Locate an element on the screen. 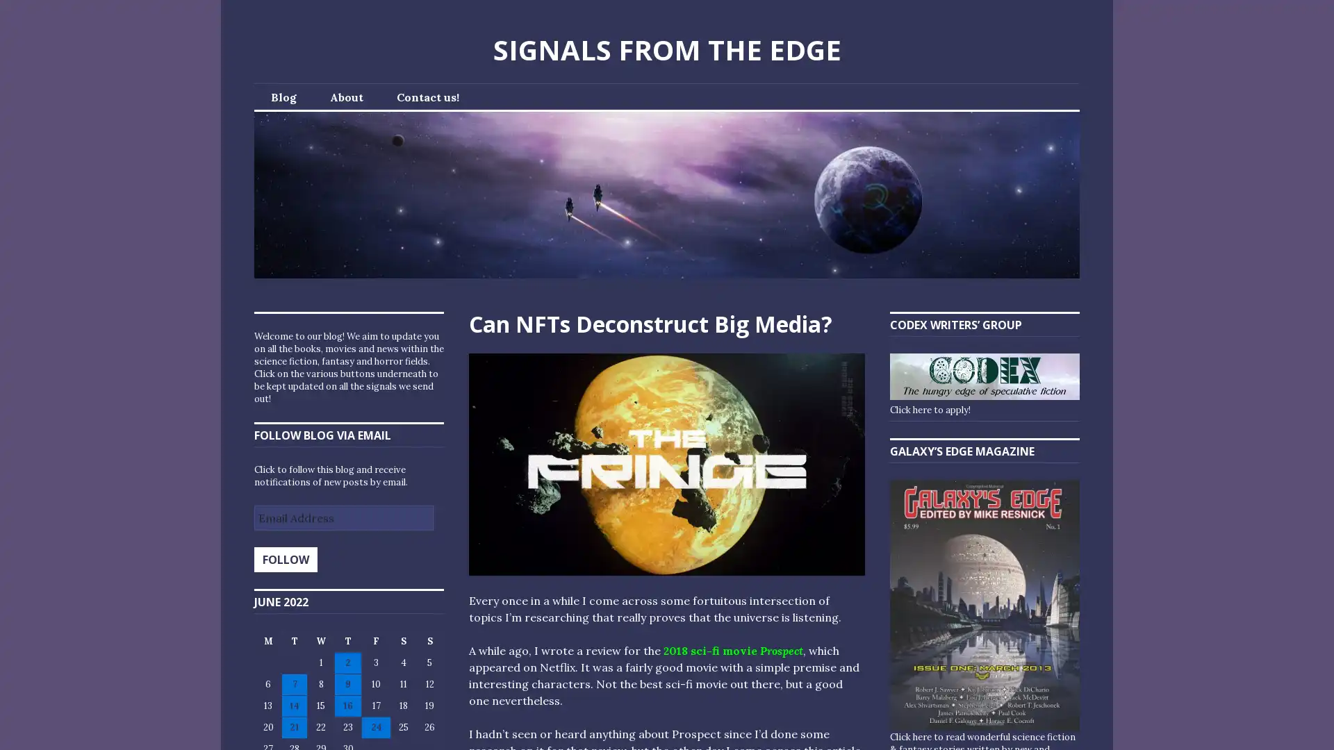 Image resolution: width=1334 pixels, height=750 pixels. FOLLOW is located at coordinates (285, 559).